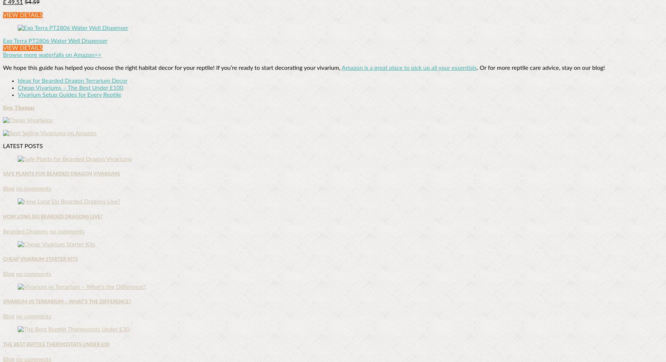 This screenshot has width=666, height=362. I want to click on 'We hope this guide has helped you choose the right habitat decor for your reptile! If you’re ready to start decorating your vivarium,', so click(172, 68).